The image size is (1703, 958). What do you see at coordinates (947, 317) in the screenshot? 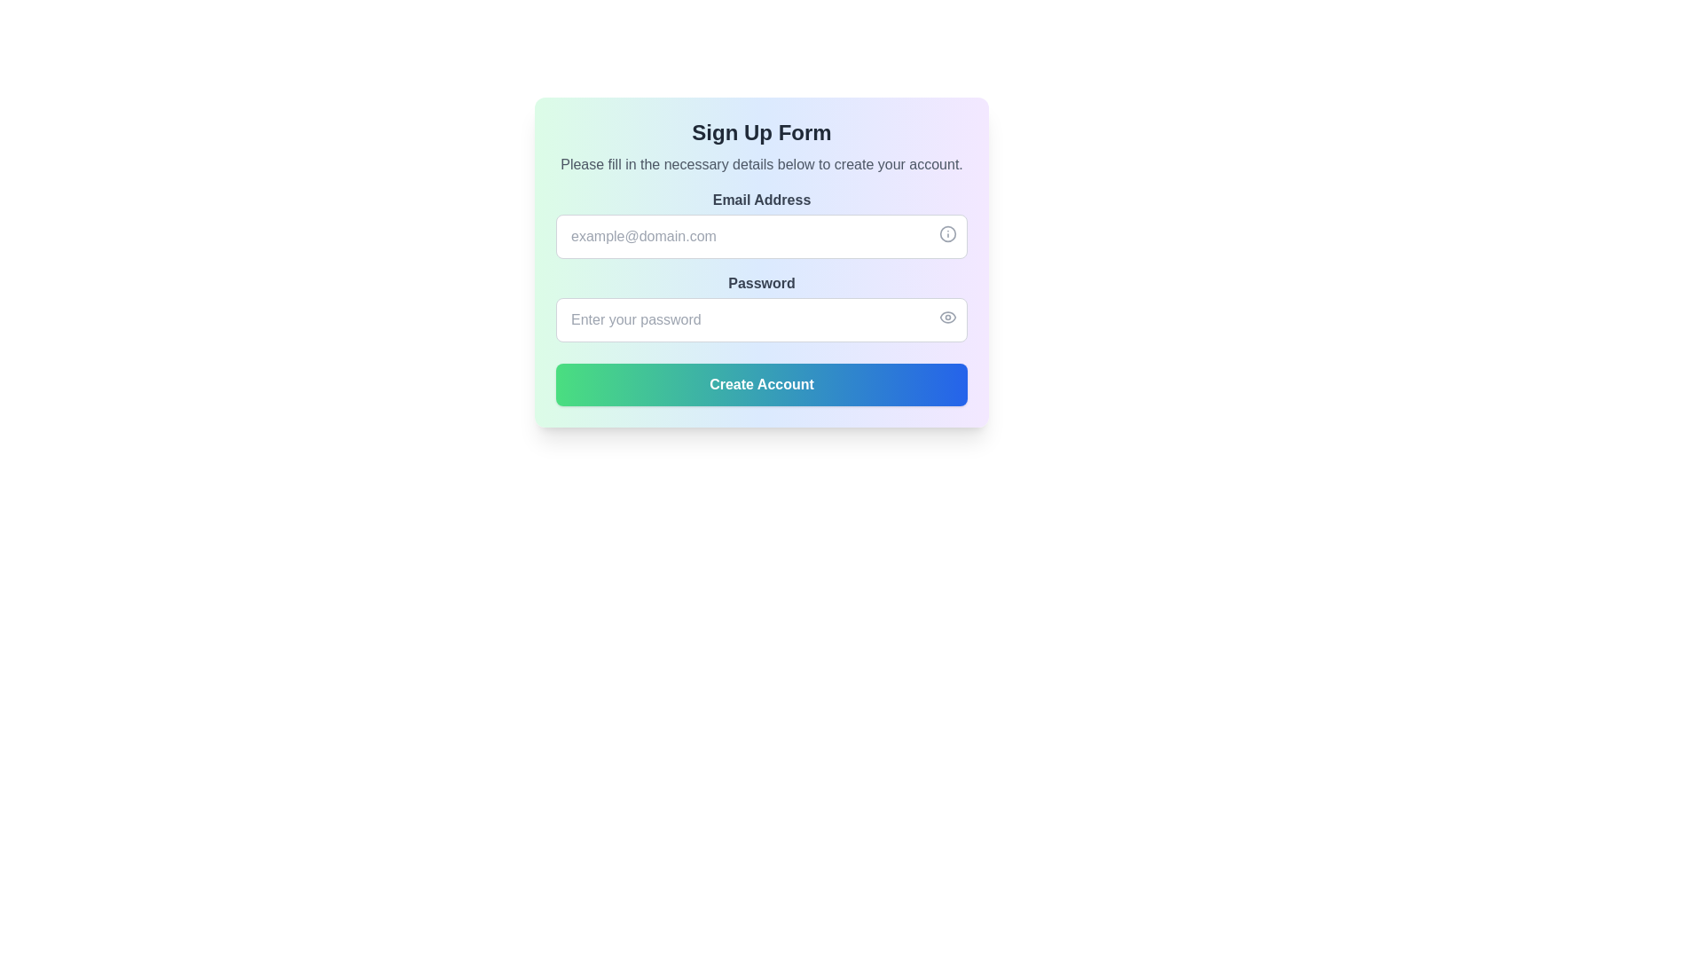
I see `the outer elliptical shape of the eye icon used to toggle password visibility by hovering over it for visual feedback` at bounding box center [947, 317].